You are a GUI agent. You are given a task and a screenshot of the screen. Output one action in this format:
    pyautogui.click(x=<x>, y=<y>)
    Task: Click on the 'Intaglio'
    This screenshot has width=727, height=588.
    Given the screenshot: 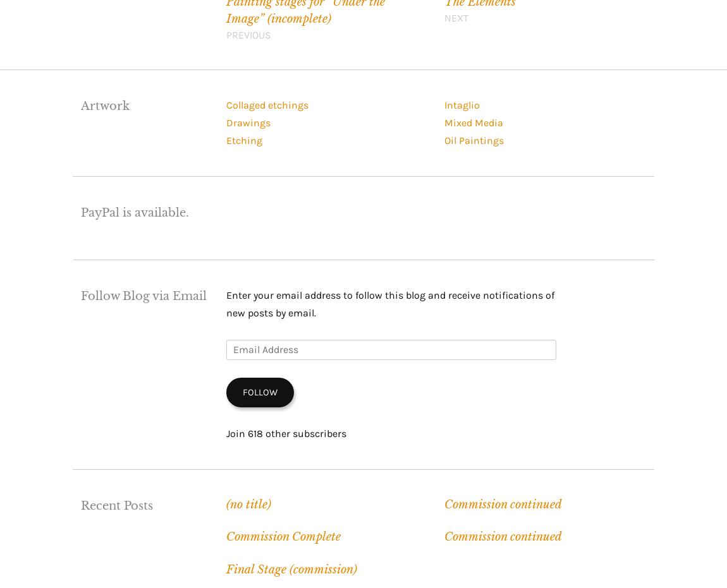 What is the action you would take?
    pyautogui.click(x=461, y=104)
    